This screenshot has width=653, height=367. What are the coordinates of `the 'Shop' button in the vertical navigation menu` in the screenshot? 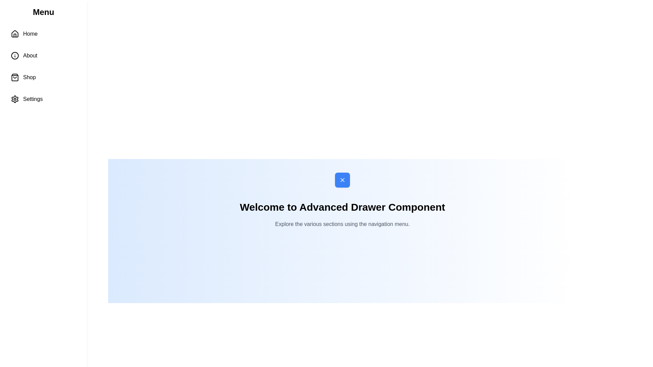 It's located at (43, 77).